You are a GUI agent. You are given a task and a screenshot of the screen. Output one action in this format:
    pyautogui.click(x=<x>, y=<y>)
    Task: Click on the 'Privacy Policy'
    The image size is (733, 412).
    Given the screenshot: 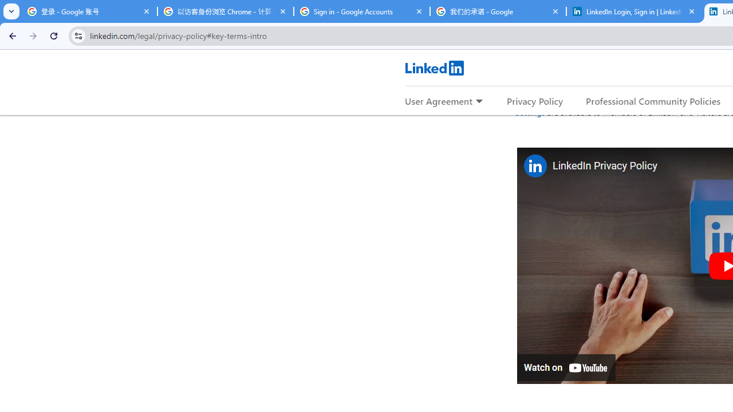 What is the action you would take?
    pyautogui.click(x=534, y=100)
    